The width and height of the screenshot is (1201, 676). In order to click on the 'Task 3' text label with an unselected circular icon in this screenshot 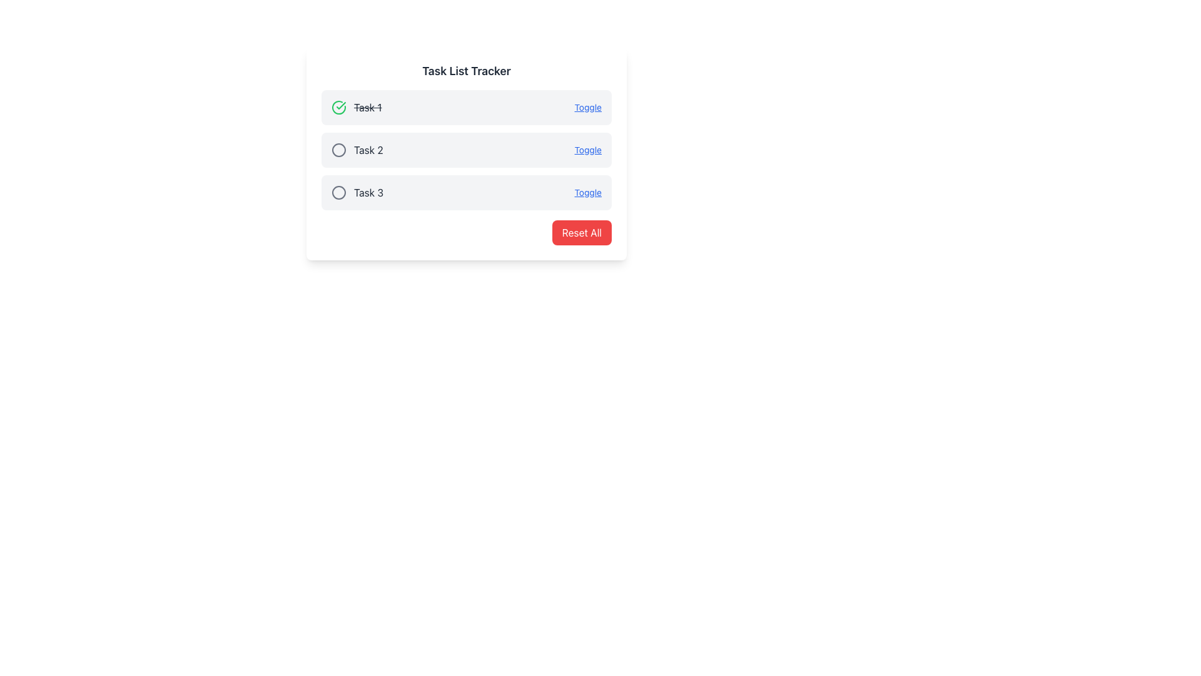, I will do `click(357, 193)`.